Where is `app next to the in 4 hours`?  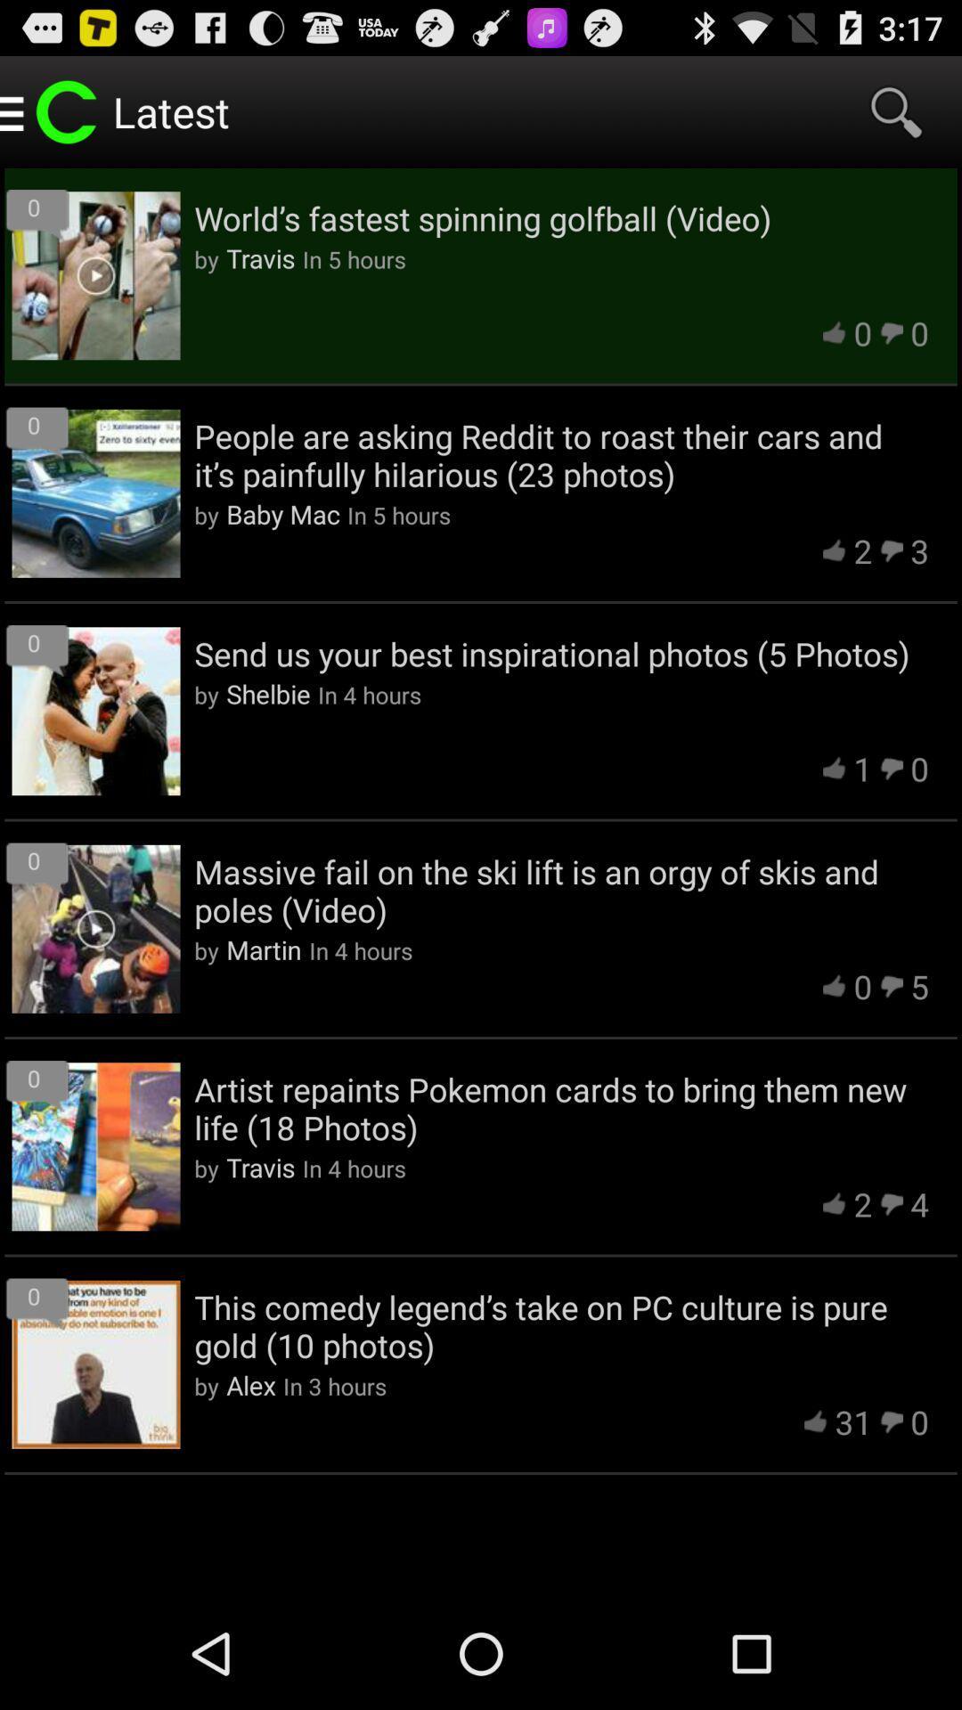 app next to the in 4 hours is located at coordinates (268, 692).